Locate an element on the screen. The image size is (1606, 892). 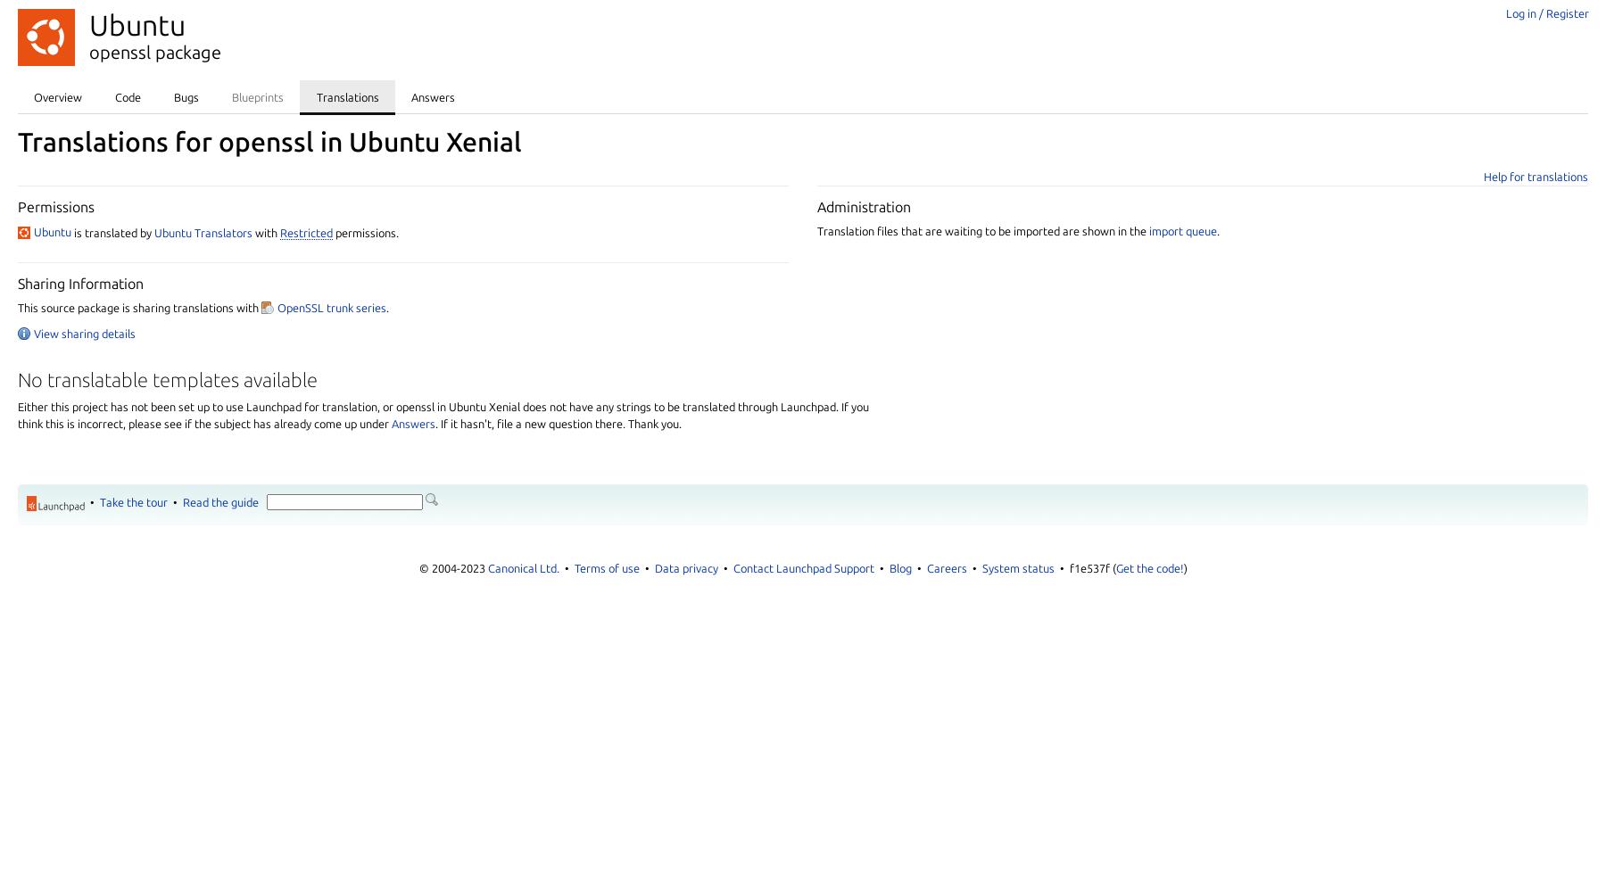
'Blueprints' is located at coordinates (230, 95).